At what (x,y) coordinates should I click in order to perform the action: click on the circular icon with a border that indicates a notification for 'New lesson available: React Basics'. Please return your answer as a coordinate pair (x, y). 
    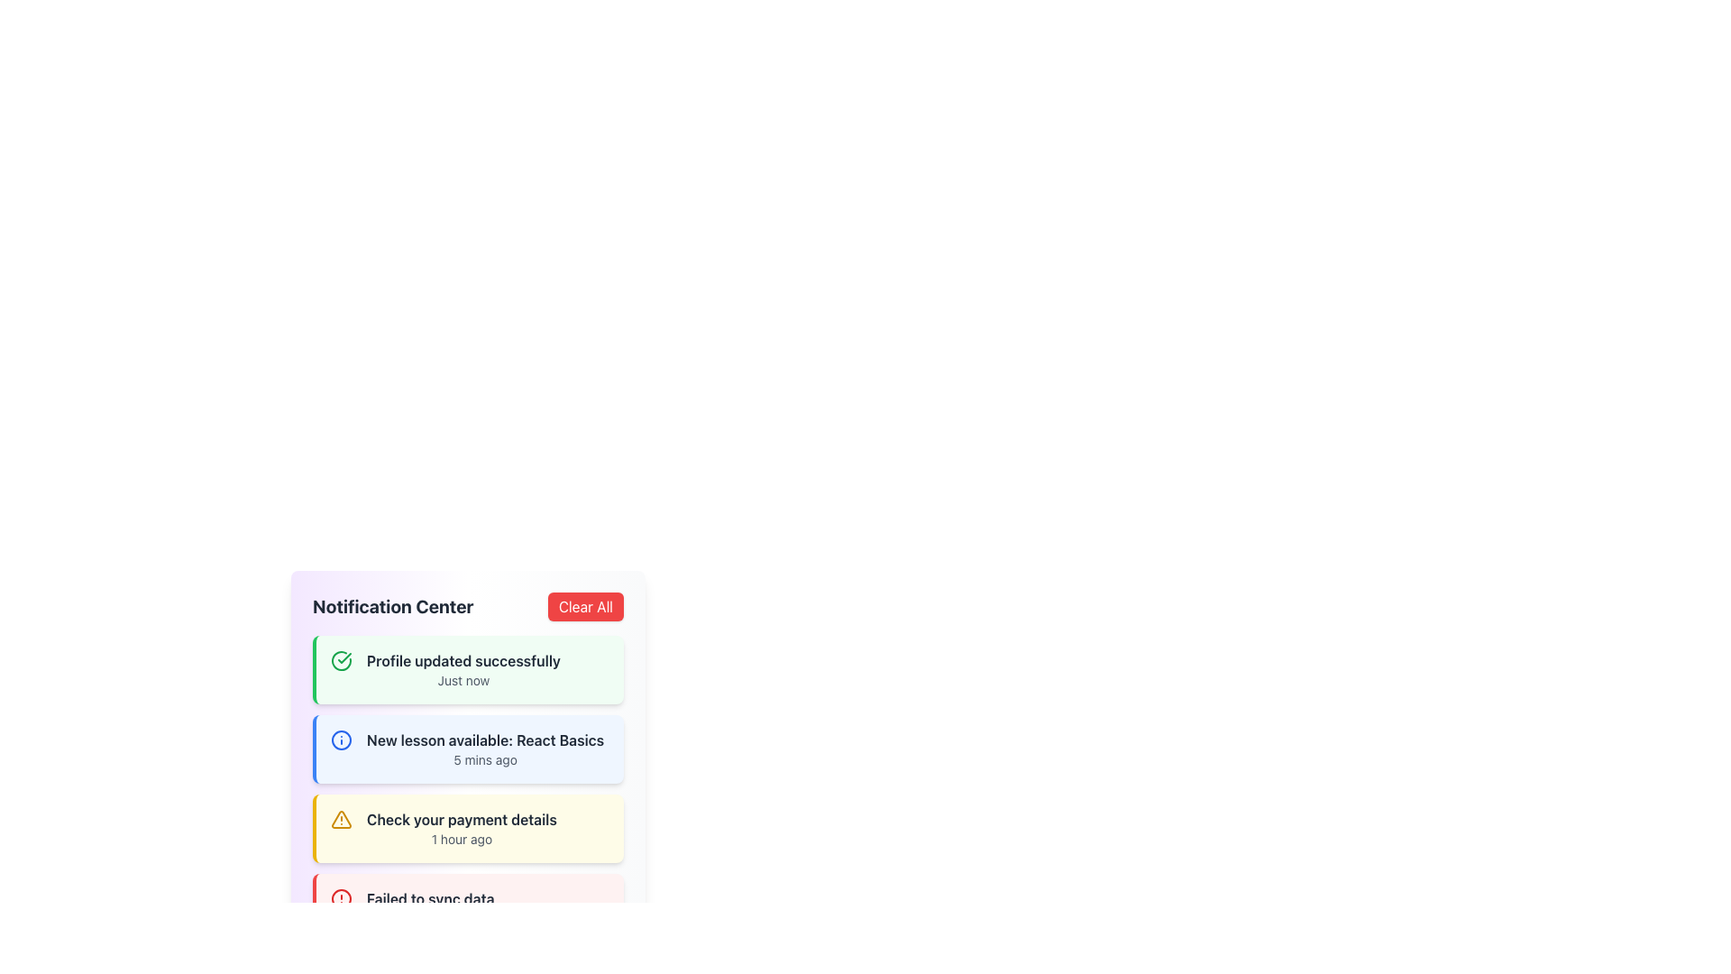
    Looking at the image, I should click on (342, 740).